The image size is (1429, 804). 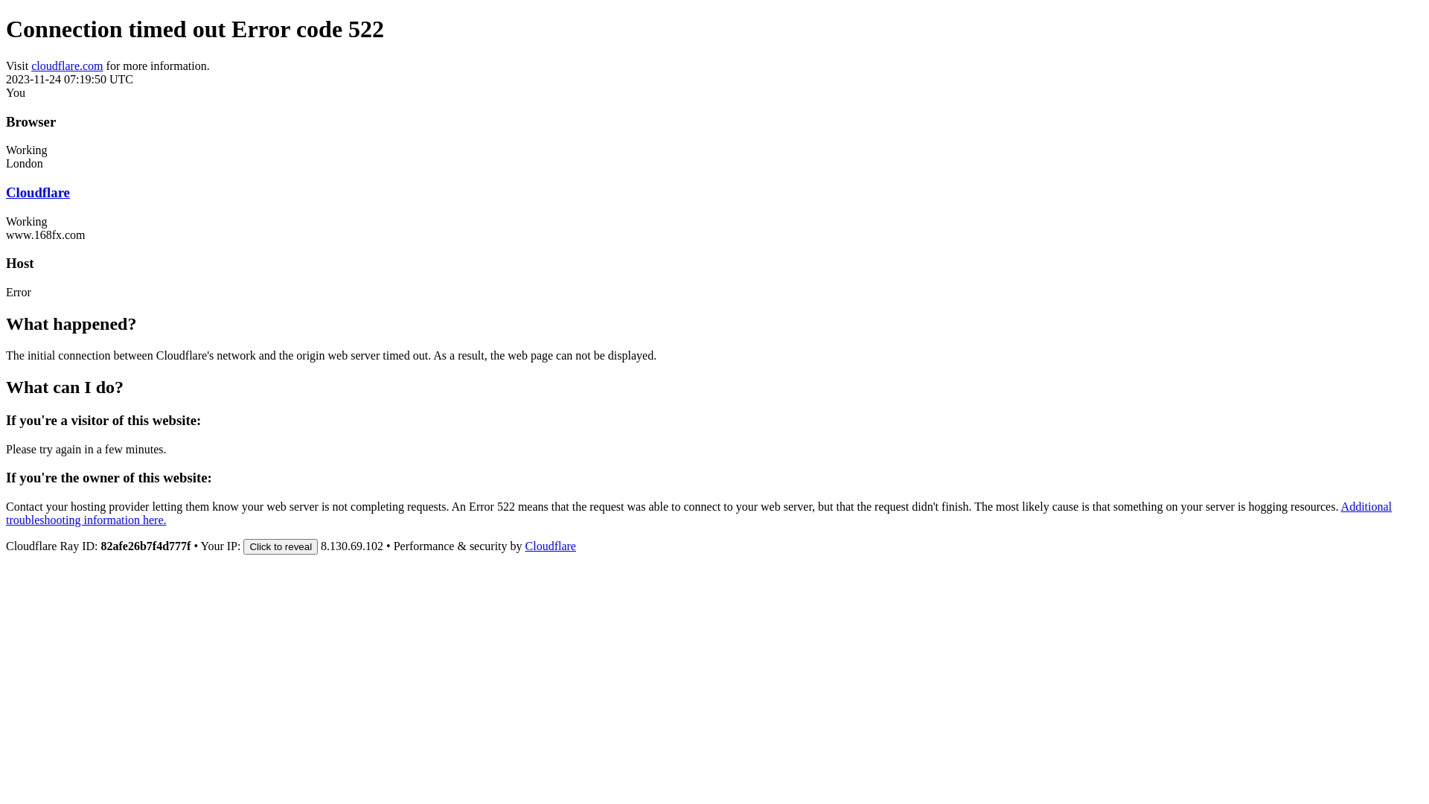 What do you see at coordinates (31, 65) in the screenshot?
I see `'cloudflare.com'` at bounding box center [31, 65].